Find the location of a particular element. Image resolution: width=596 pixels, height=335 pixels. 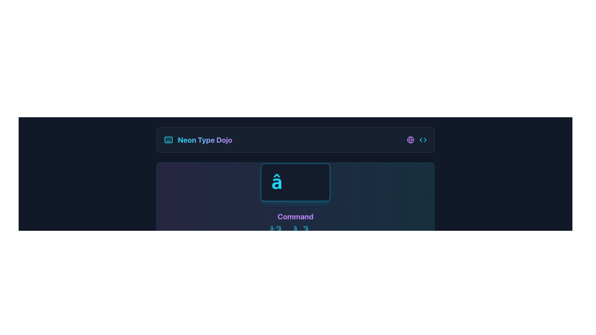

the second icon in the top-right section of the interface that represents code-related functionality is located at coordinates (423, 140).